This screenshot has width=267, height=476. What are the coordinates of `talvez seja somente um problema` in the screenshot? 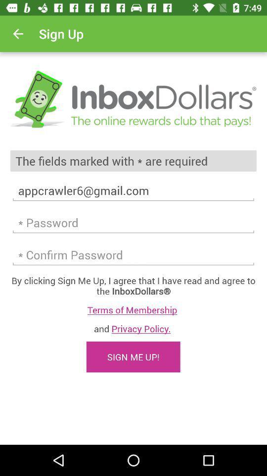 It's located at (133, 223).